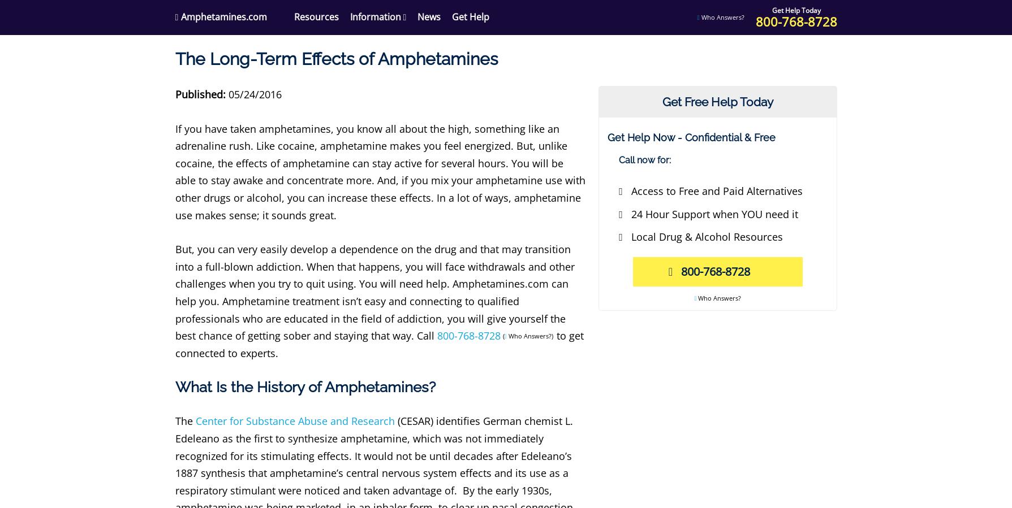 This screenshot has width=1012, height=508. I want to click on 'to get connected to experts.', so click(378, 343).